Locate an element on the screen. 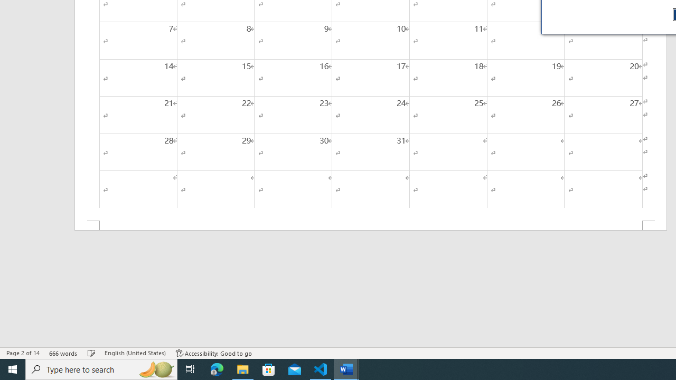 The height and width of the screenshot is (380, 676). 'Page Number Page 2 of 14' is located at coordinates (23, 353).